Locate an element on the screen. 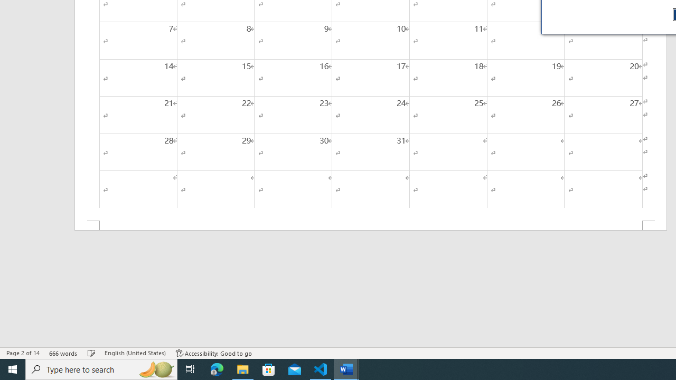 The height and width of the screenshot is (380, 676). 'Page Number Page 2 of 14' is located at coordinates (23, 353).